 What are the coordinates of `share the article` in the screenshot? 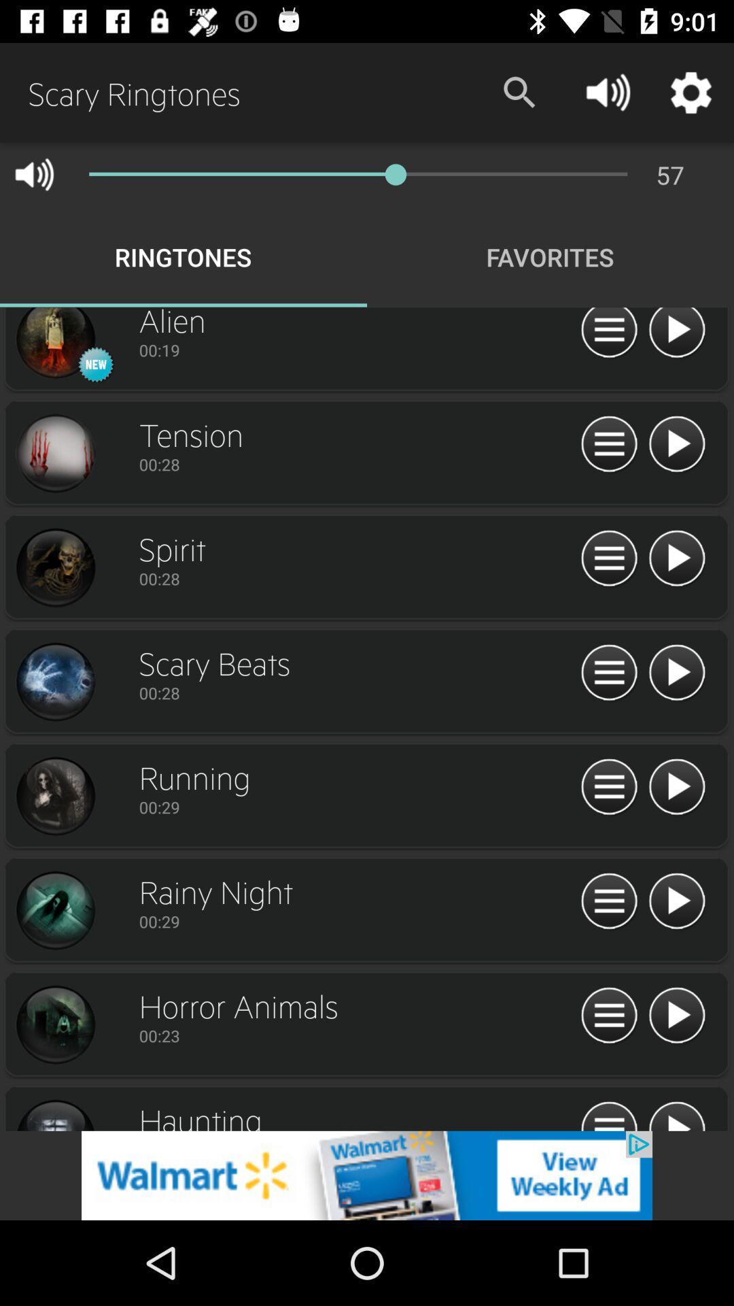 It's located at (676, 444).